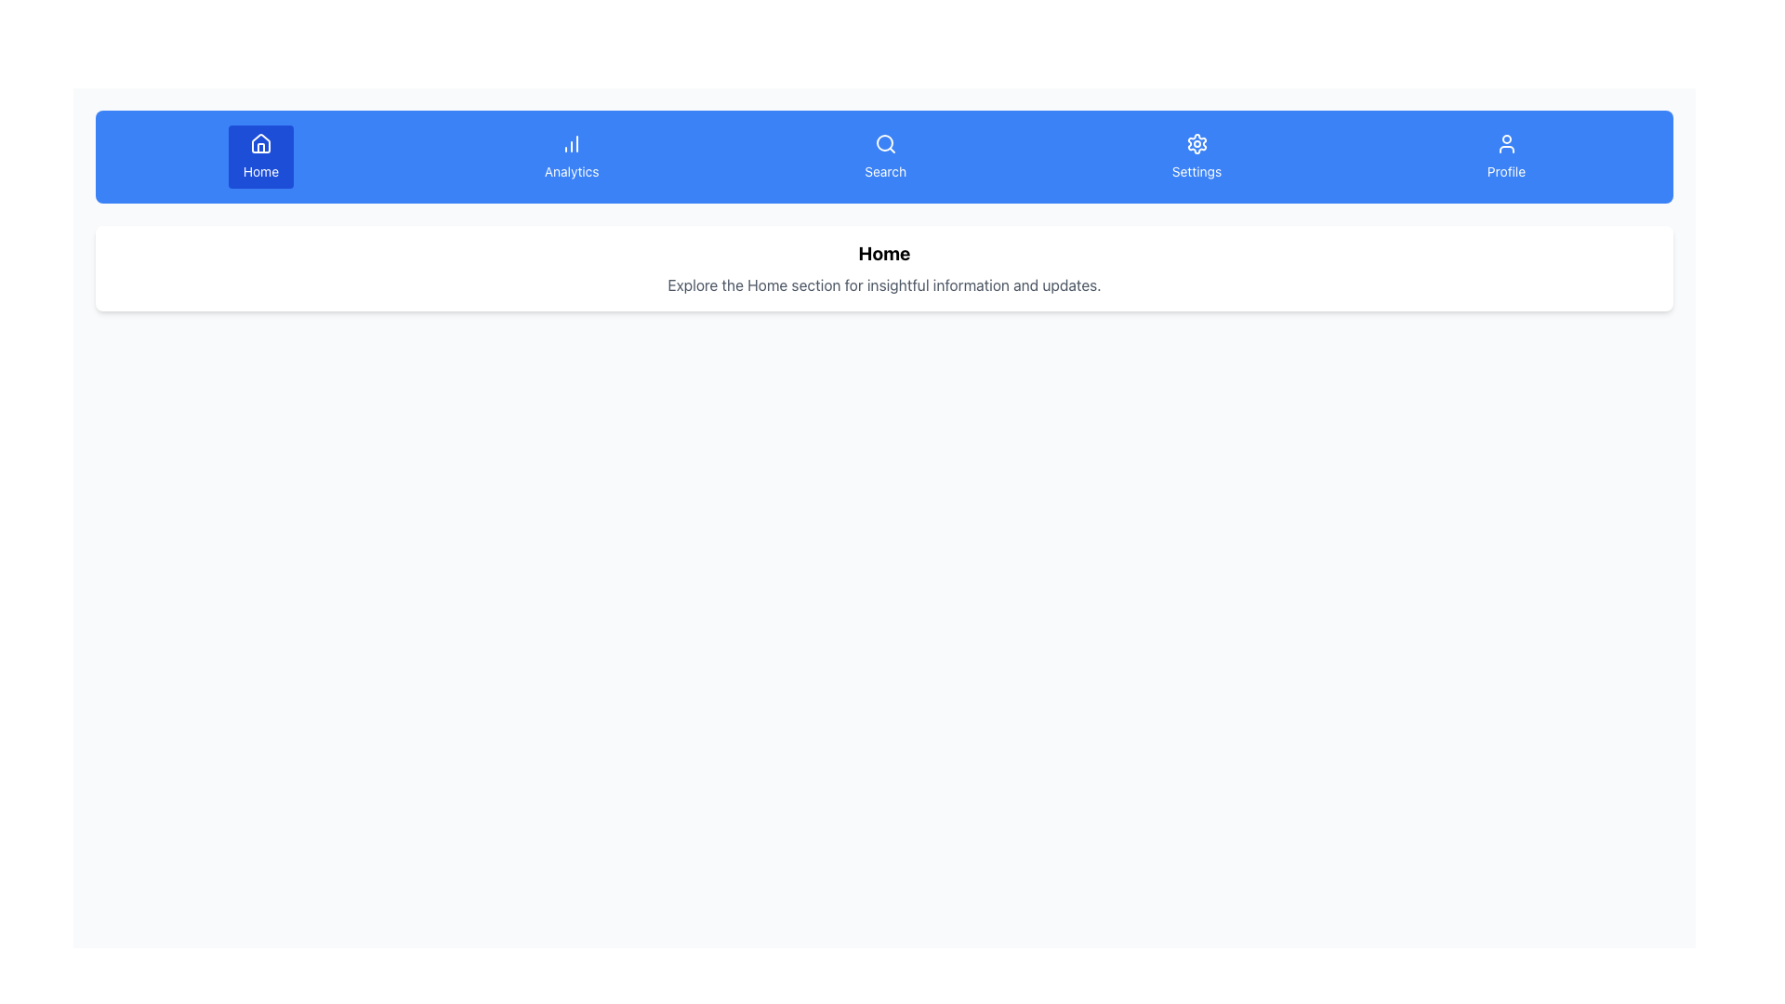 This screenshot has width=1785, height=1004. Describe the element at coordinates (571, 172) in the screenshot. I see `the text label that describes the 'Analytics' navigation item, positioned centrally below the bar chart icon in the navigation bar` at that location.